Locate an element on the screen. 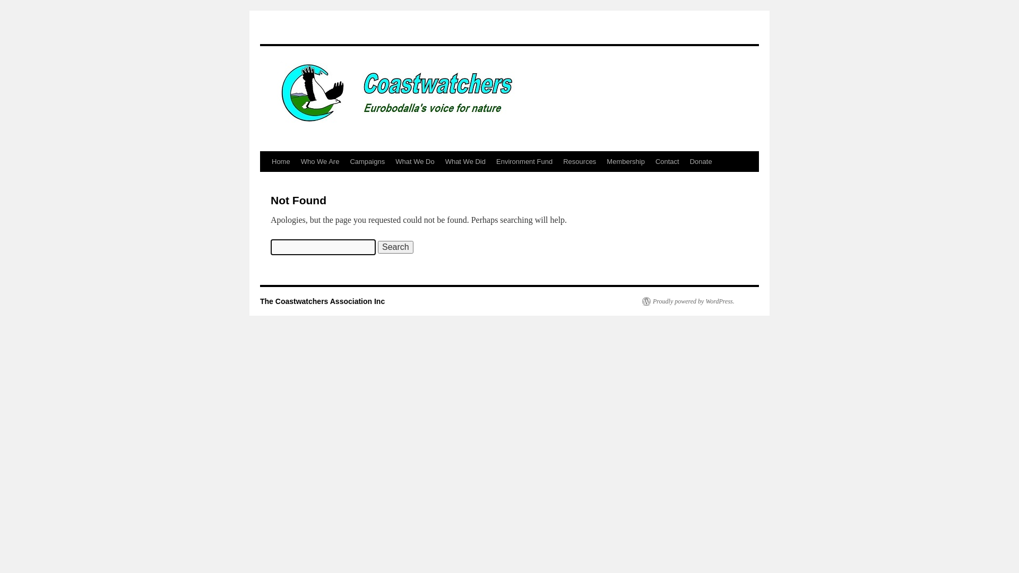 Image resolution: width=1019 pixels, height=573 pixels. 'Search' is located at coordinates (395, 247).